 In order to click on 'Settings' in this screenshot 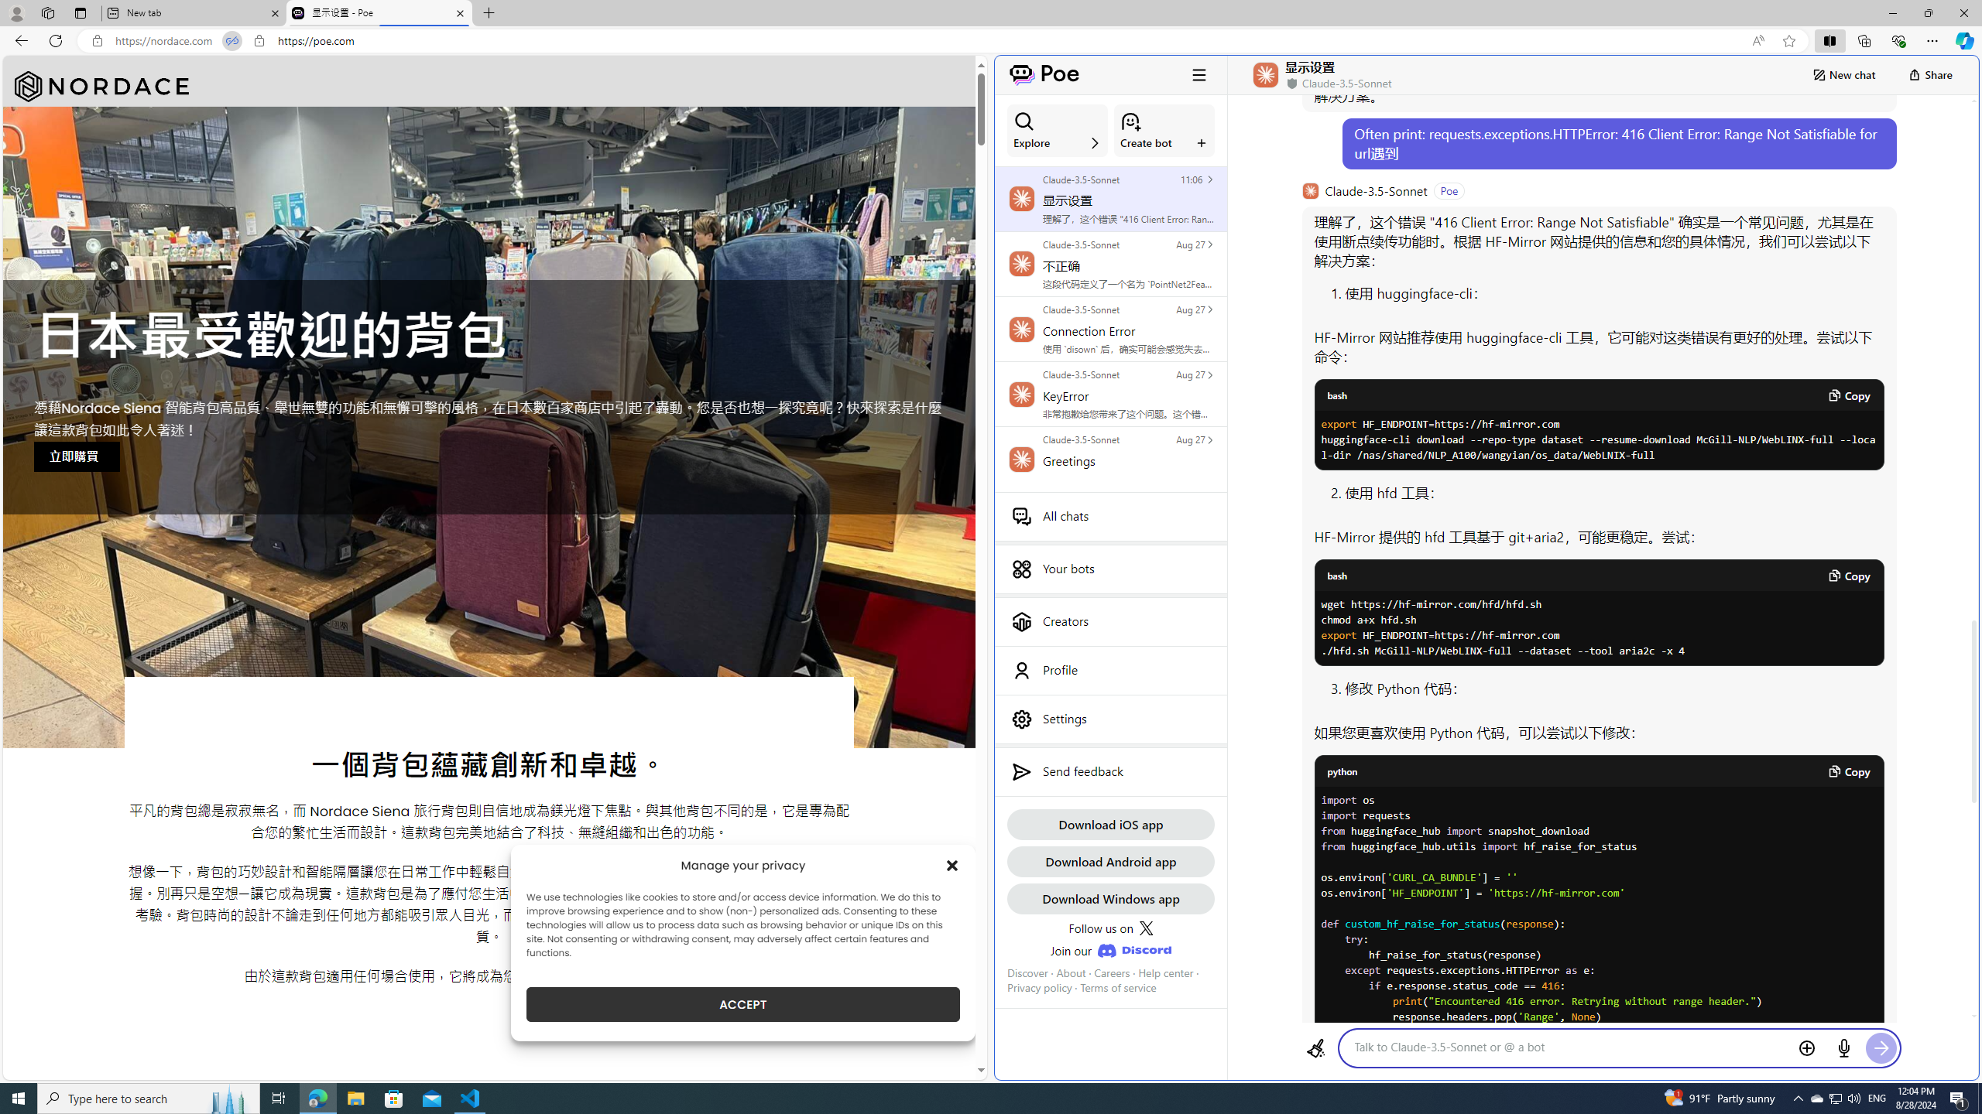, I will do `click(1110, 718)`.